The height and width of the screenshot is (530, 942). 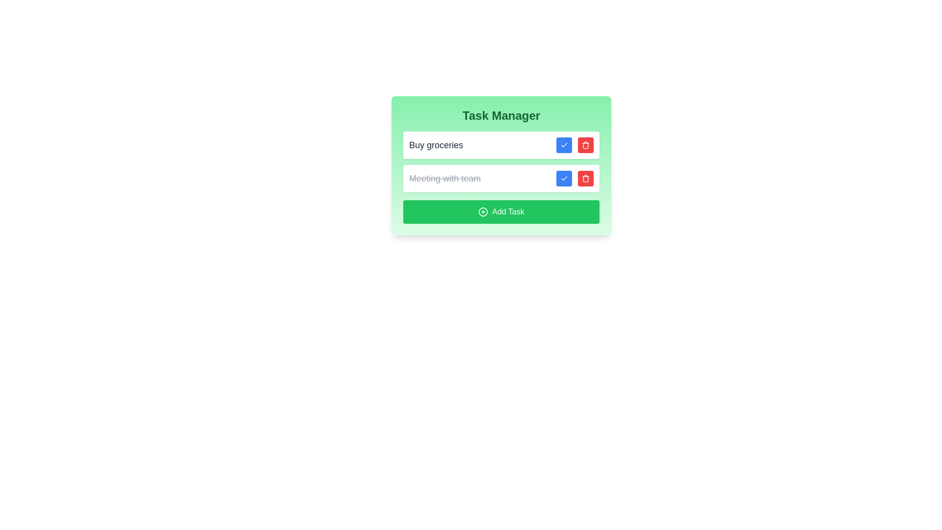 What do you see at coordinates (501, 161) in the screenshot?
I see `the buttons within the task manager panel to mark a task as done or delete a task, specifically targeting the interactive task items in the vertical stack located at the center of the panel` at bounding box center [501, 161].